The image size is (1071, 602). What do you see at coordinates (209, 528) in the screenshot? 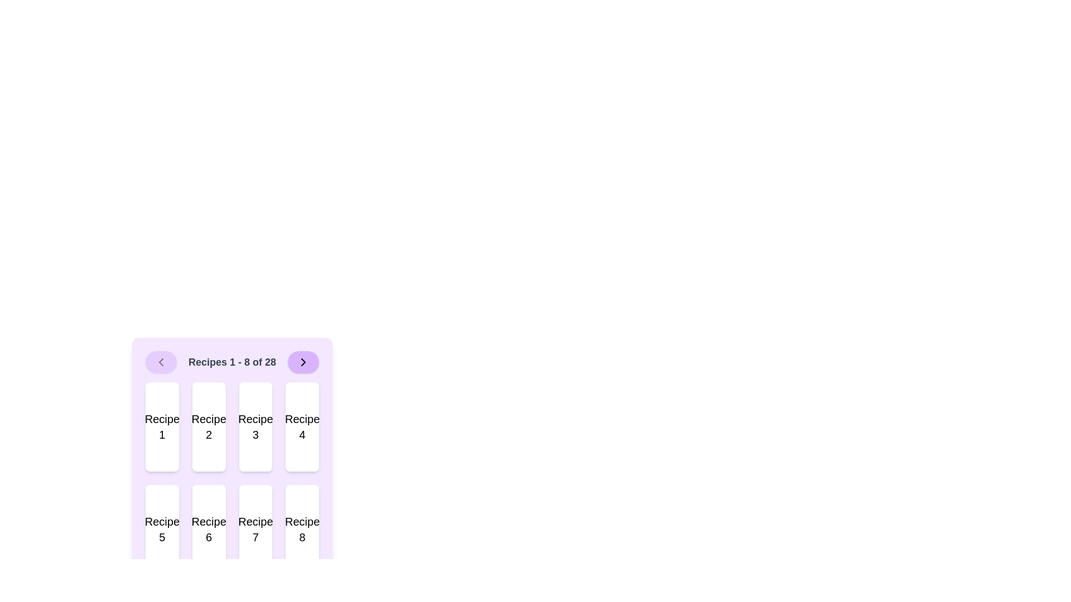
I see `the Card component displaying details about 'Recipe 6', located in the bottom row of a 2x4 grid layout, between 'Recipe 5' and 'Recipe 7'` at bounding box center [209, 528].